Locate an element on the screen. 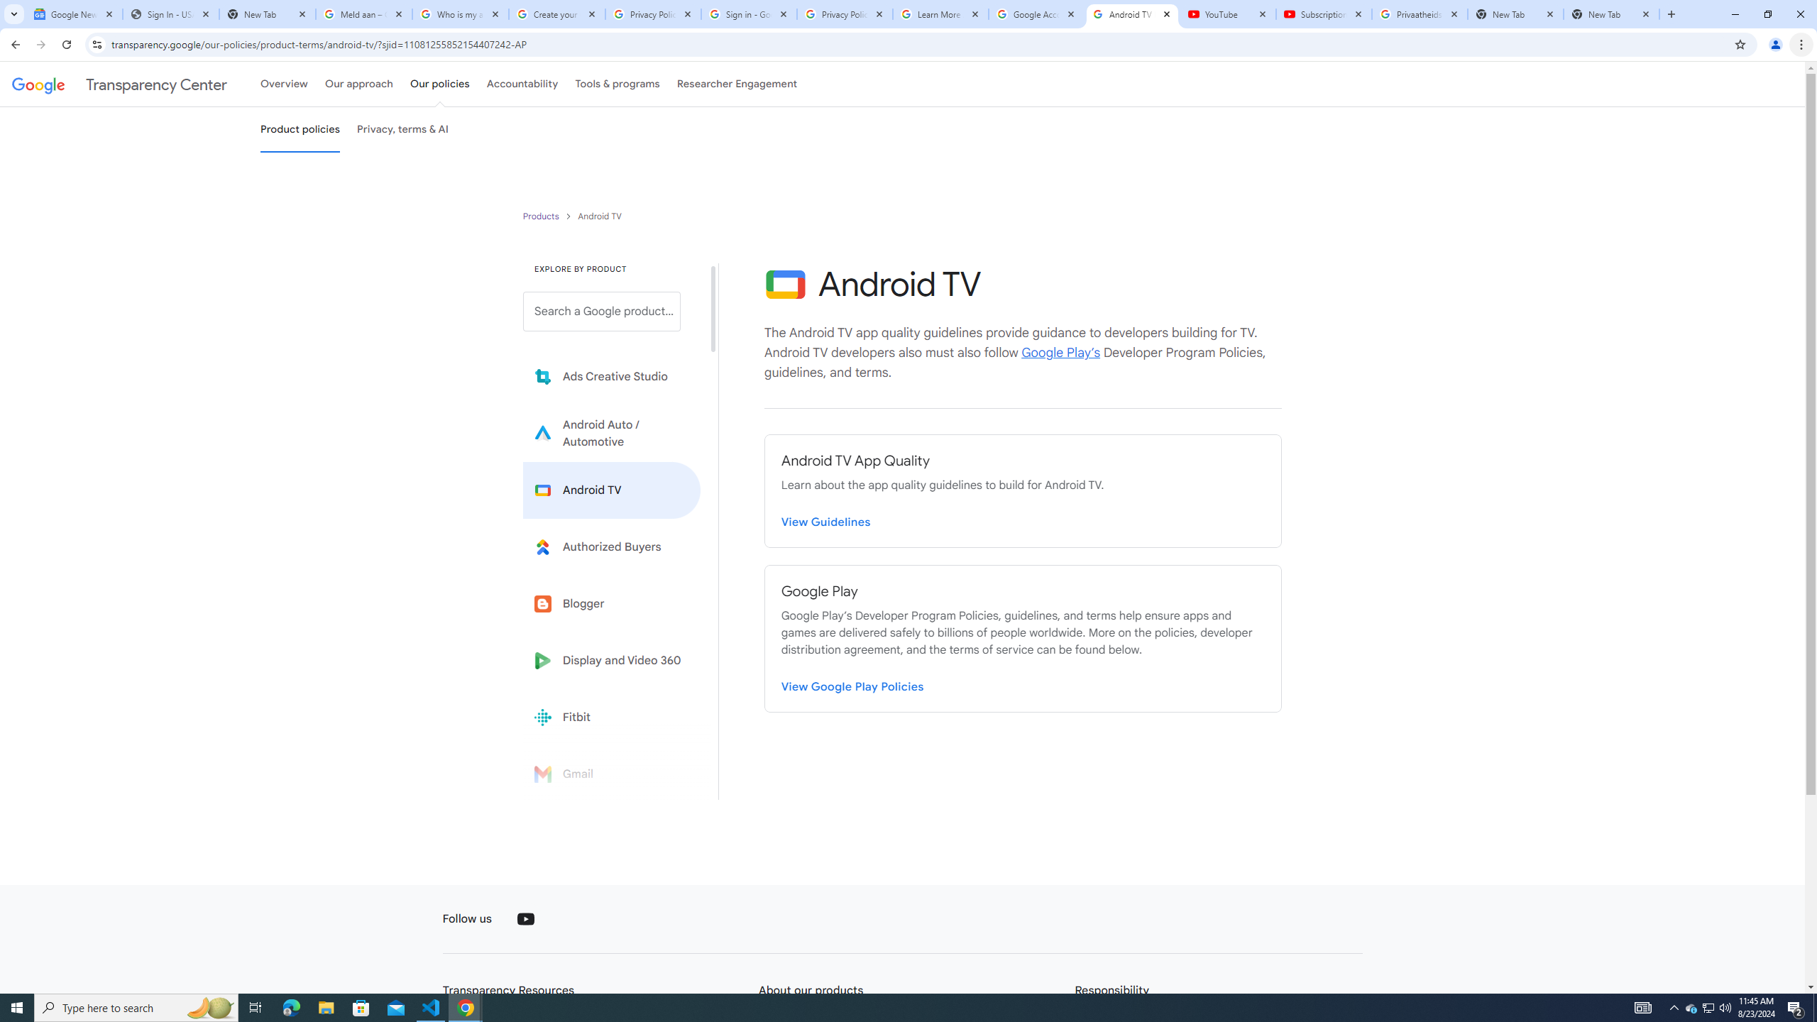  'Accountability' is located at coordinates (522, 84).